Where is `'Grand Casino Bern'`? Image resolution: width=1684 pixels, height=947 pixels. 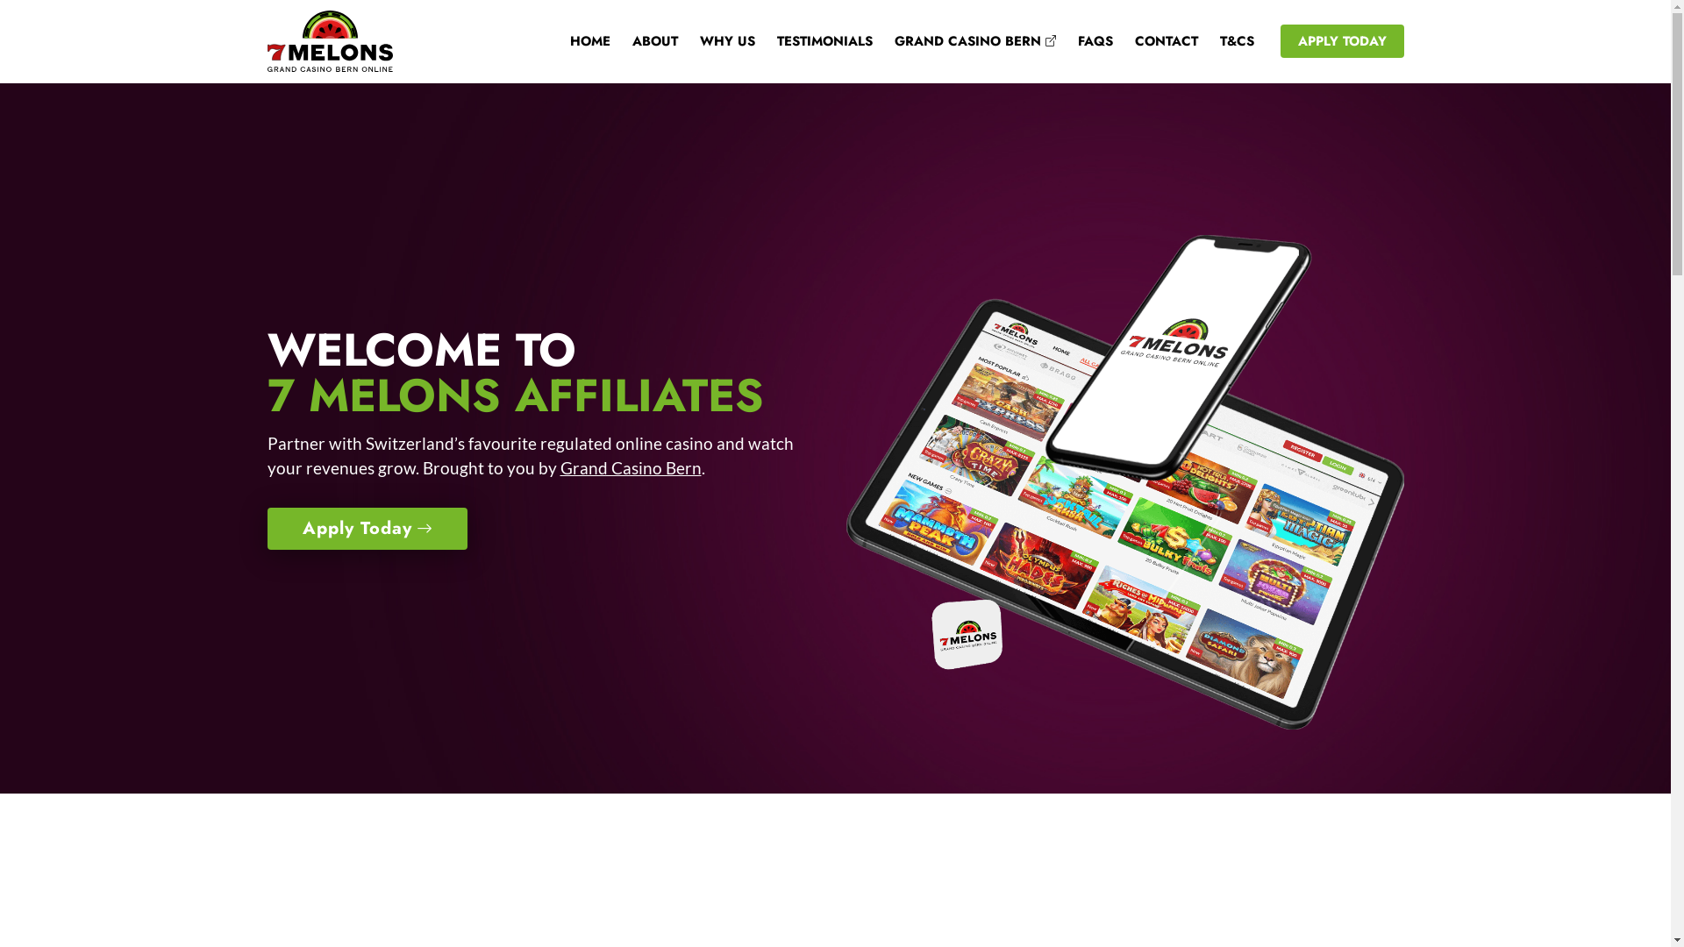 'Grand Casino Bern' is located at coordinates (559, 466).